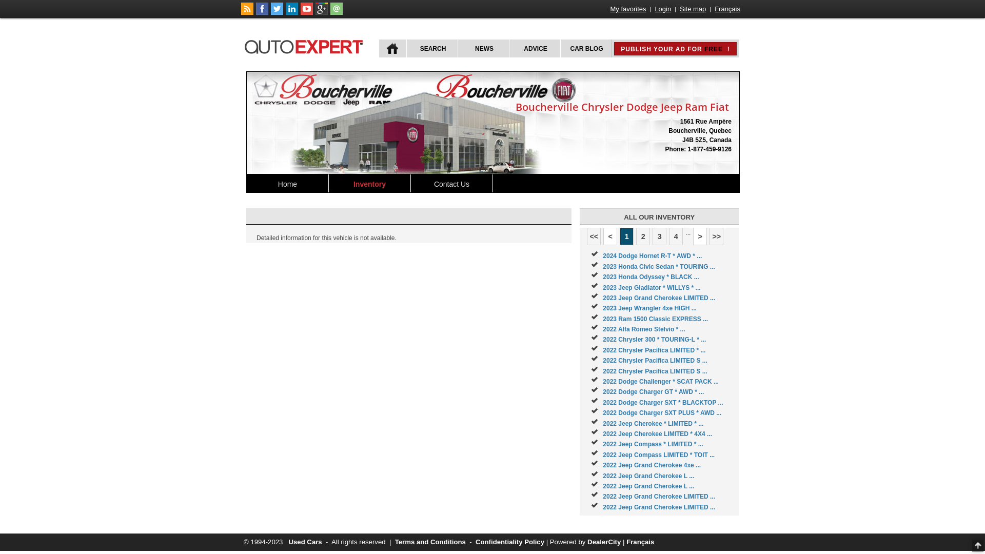  Describe the element at coordinates (271, 12) in the screenshot. I see `'Follow autoExpert.ca on Twitter'` at that location.